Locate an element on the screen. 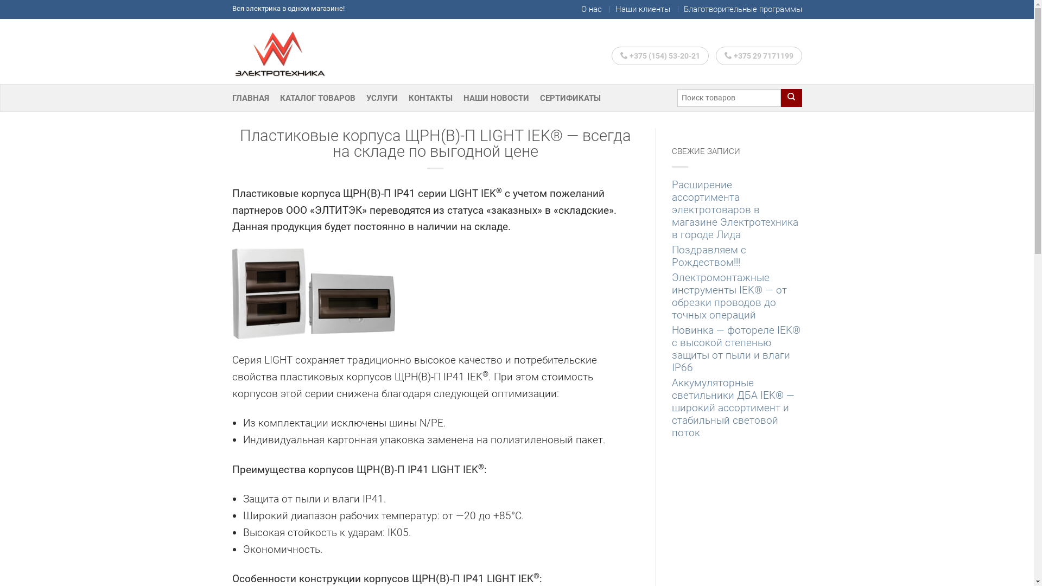 The height and width of the screenshot is (586, 1042). '+375 (154) 53-20-21' is located at coordinates (612, 56).